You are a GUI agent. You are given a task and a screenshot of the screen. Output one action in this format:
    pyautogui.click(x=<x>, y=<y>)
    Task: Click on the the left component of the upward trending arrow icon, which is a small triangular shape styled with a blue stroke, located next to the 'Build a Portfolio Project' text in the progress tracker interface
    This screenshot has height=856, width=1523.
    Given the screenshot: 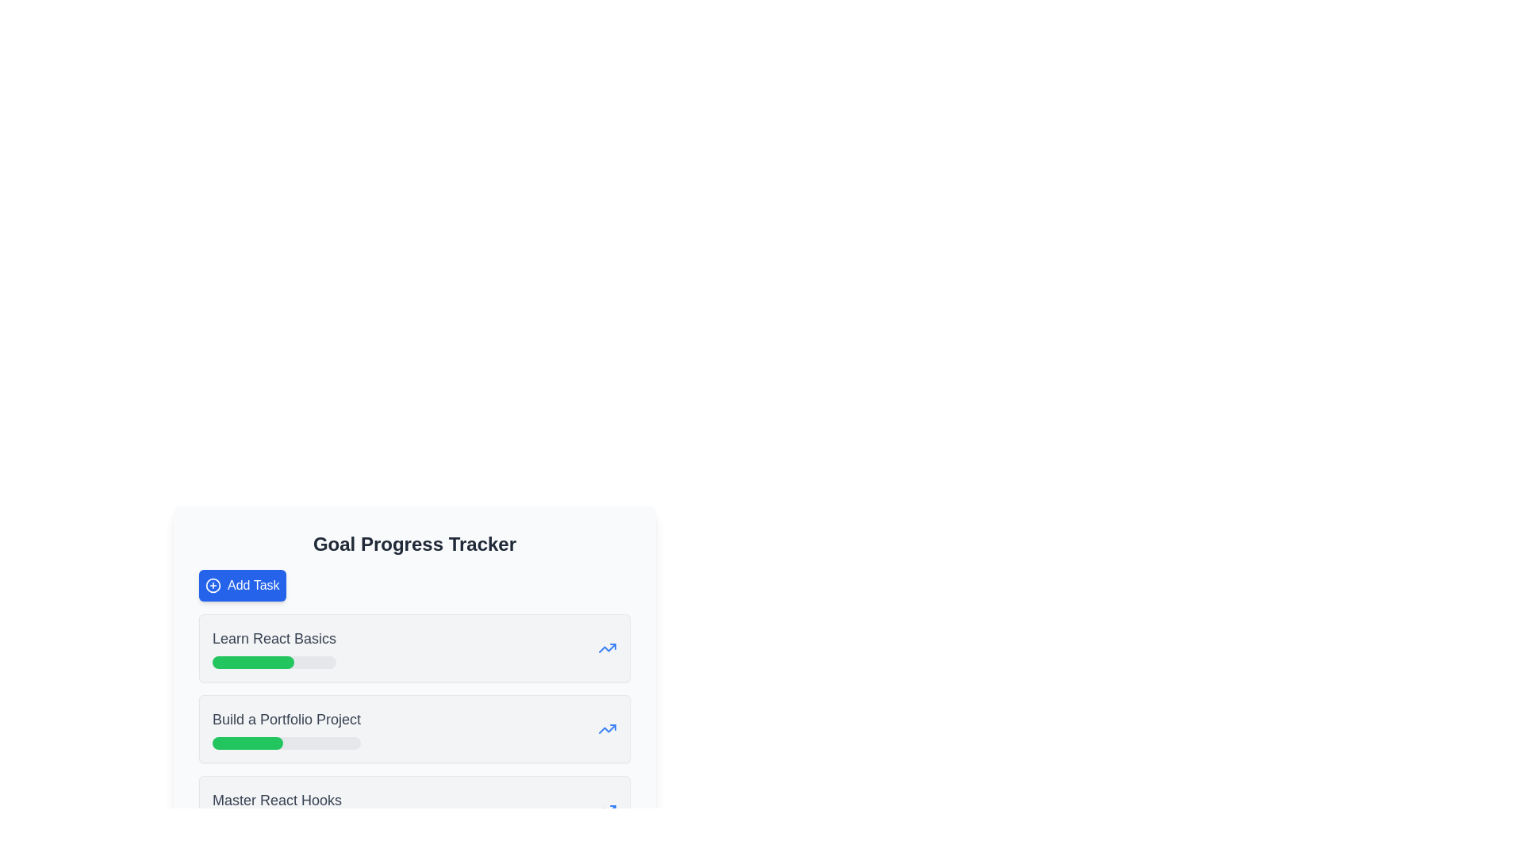 What is the action you would take?
    pyautogui.click(x=607, y=648)
    